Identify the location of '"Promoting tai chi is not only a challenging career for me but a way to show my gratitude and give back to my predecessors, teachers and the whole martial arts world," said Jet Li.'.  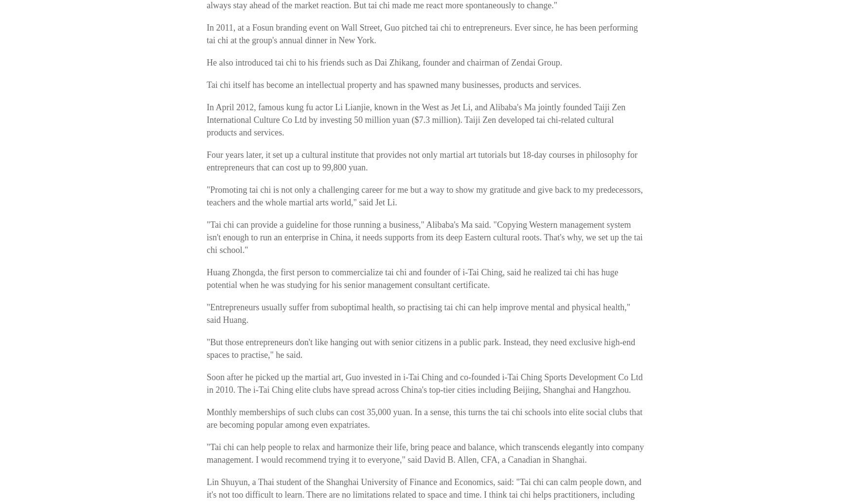
(425, 196).